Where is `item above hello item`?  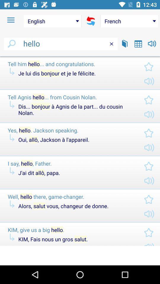 item above hello item is located at coordinates (11, 20).